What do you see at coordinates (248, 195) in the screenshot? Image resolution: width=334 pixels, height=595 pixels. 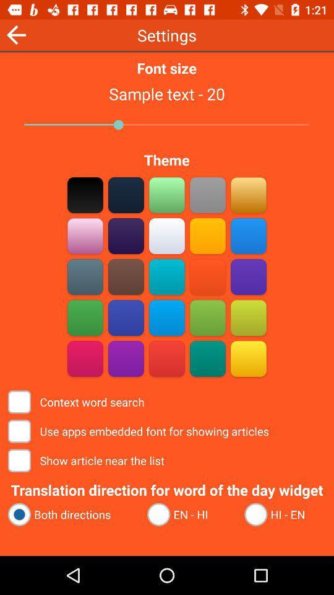 I see `choose light orange` at bounding box center [248, 195].